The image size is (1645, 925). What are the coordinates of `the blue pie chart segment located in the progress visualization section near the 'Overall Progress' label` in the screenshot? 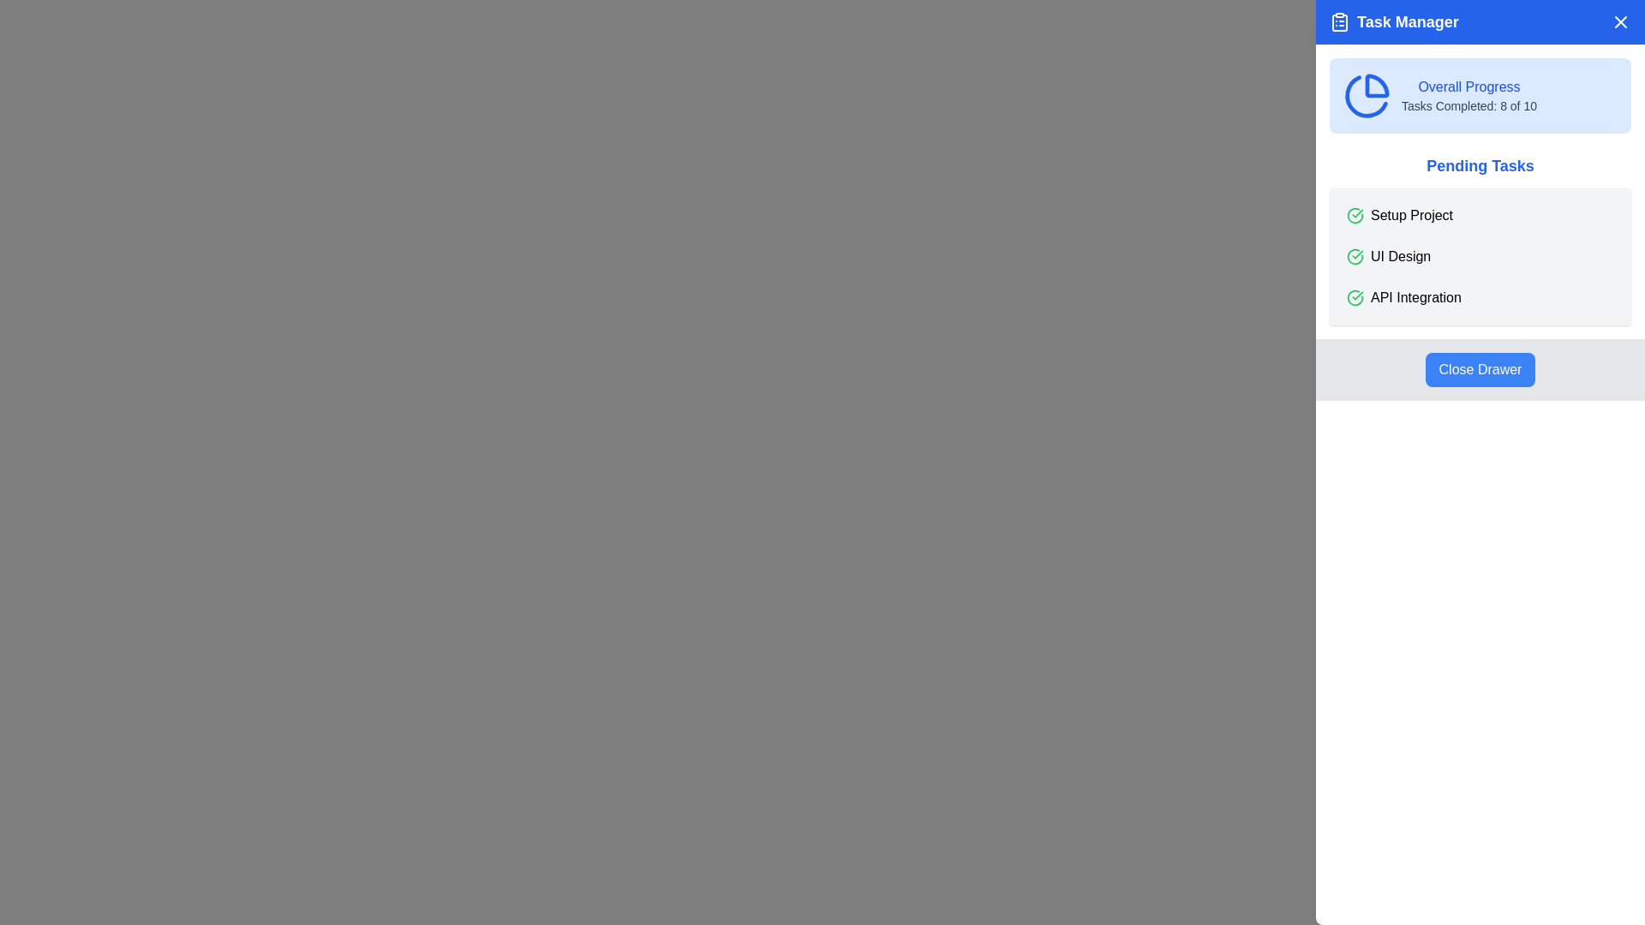 It's located at (1366, 96).